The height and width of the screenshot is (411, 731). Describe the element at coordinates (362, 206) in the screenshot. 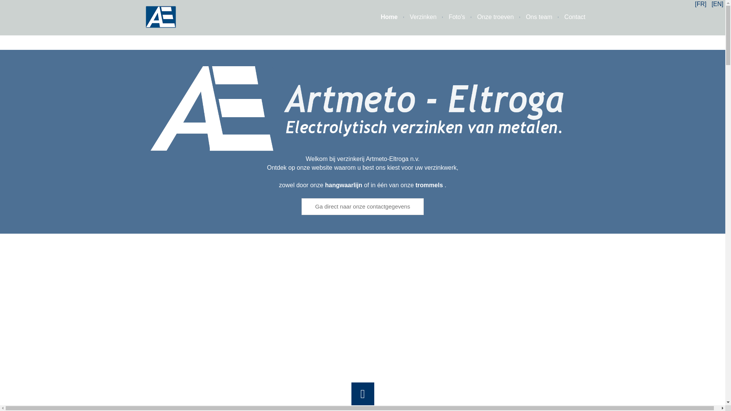

I see `'Ga direct naar onze contactgegevens'` at that location.